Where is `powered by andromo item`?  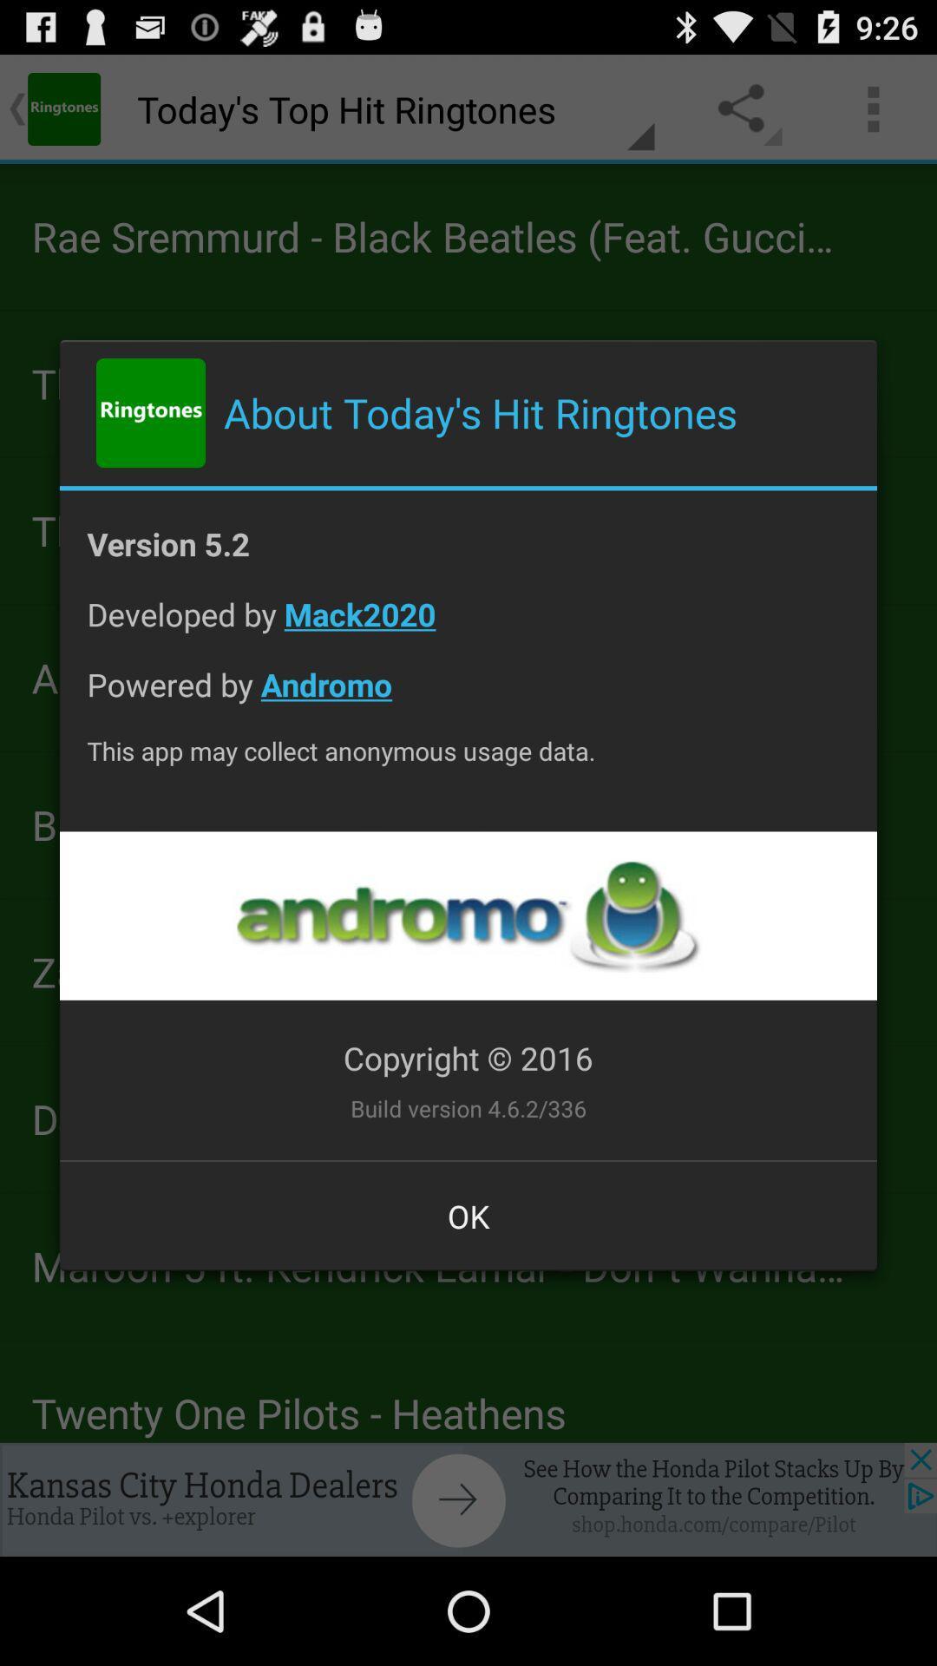 powered by andromo item is located at coordinates (468, 698).